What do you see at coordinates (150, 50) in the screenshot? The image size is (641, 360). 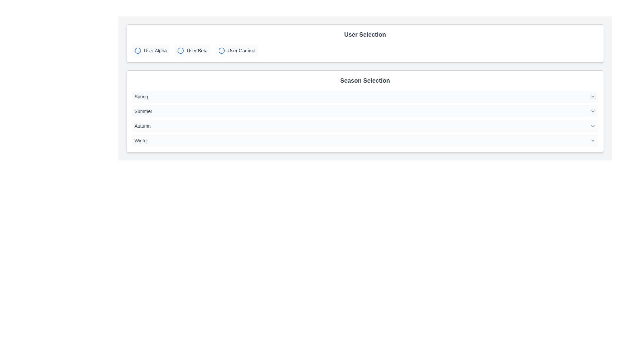 I see `the 'User Alpha' button in the 'User Selection' section` at bounding box center [150, 50].